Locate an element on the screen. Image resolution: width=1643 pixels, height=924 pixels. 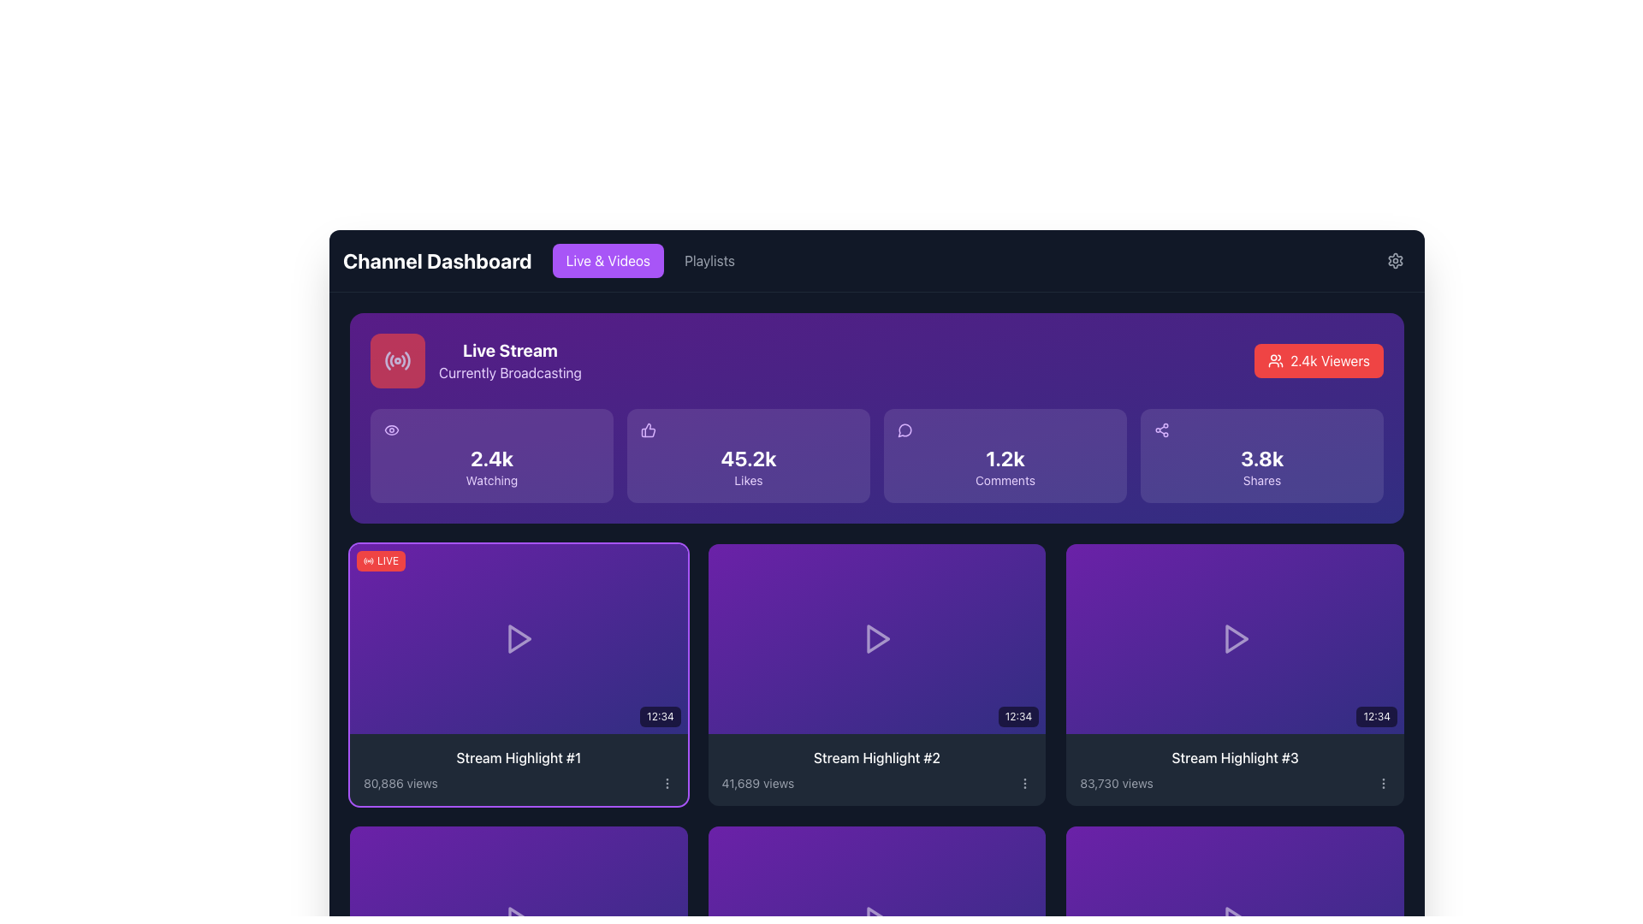
the text label that clarifies the metric representing the number of comments ('1.2k'), which is positioned below the speech bubble icon and part of a group of cards showing various metrics is located at coordinates (1005, 481).